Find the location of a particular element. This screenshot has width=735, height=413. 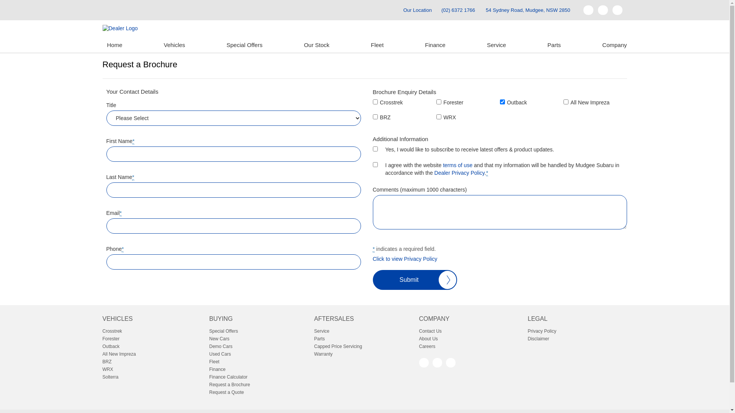

'Submit' is located at coordinates (373, 280).